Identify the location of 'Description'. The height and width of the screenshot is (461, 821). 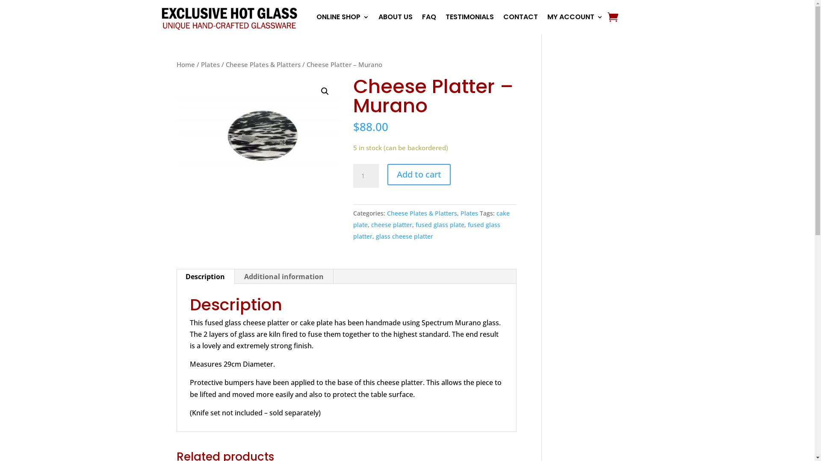
(205, 277).